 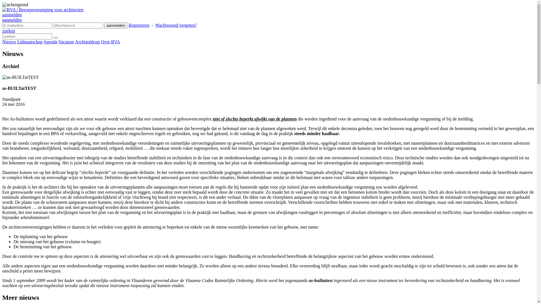 What do you see at coordinates (116, 25) in the screenshot?
I see `'aanmelden'` at bounding box center [116, 25].